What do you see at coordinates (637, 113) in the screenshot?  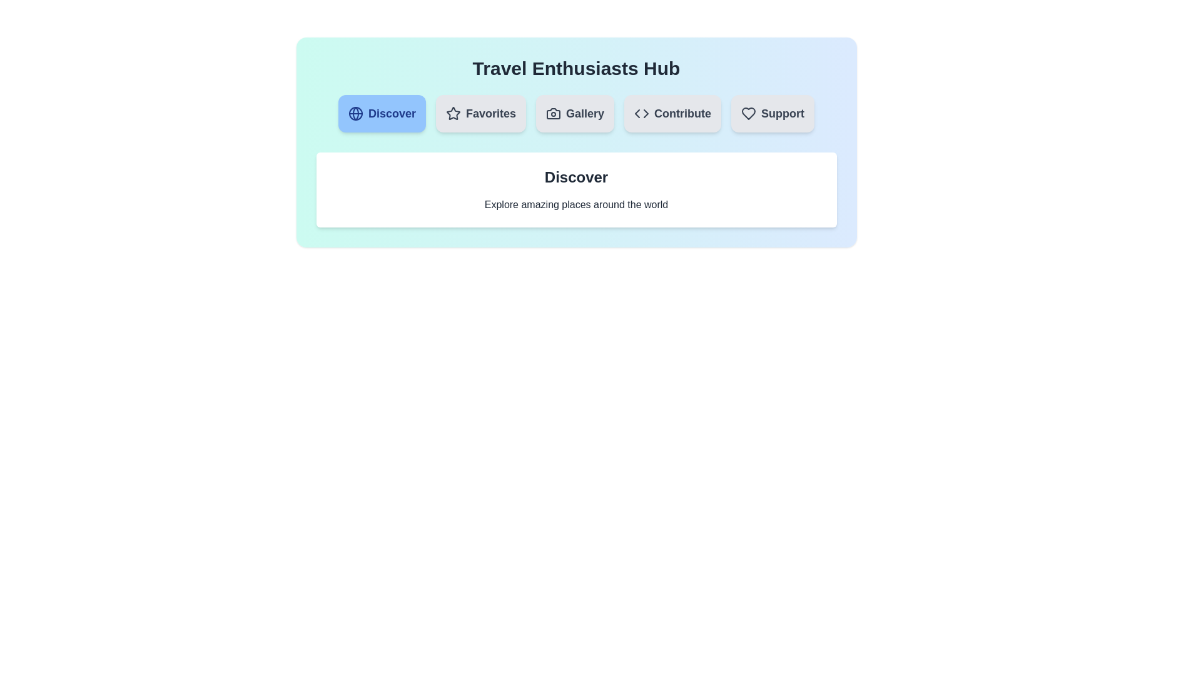 I see `the 'Contribute' button, which contains the leftward directional SVG graphic` at bounding box center [637, 113].